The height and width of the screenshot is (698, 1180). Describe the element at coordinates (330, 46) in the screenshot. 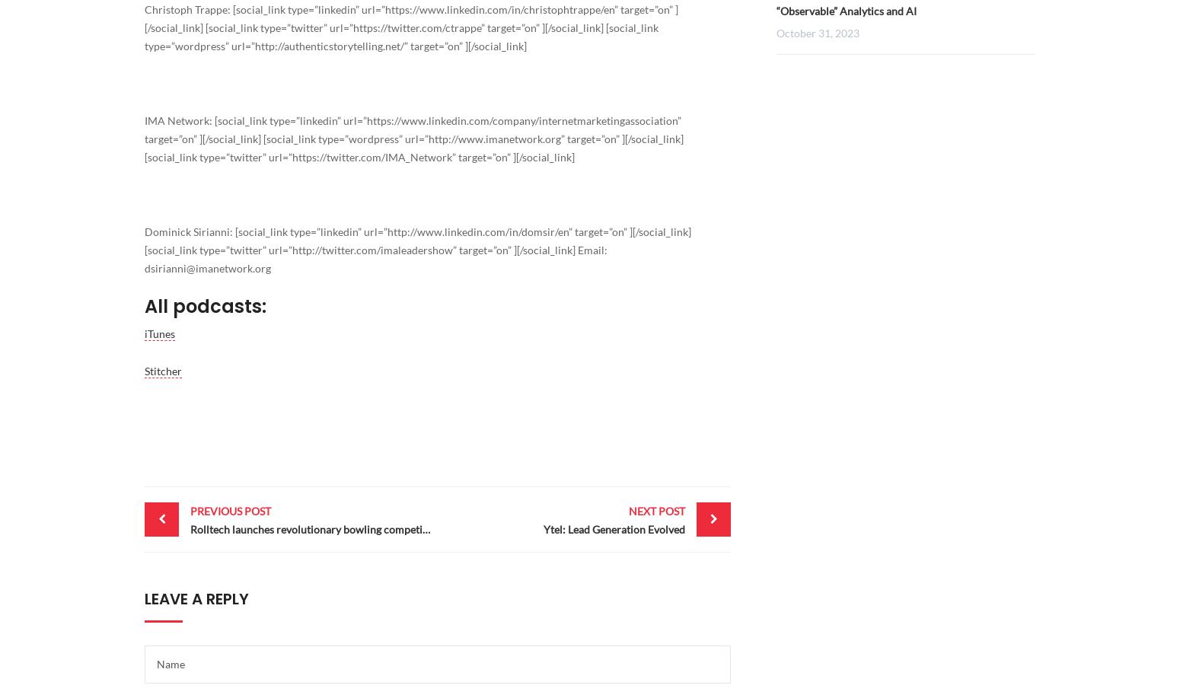

I see `'http://authenticstorytelling.net/'` at that location.